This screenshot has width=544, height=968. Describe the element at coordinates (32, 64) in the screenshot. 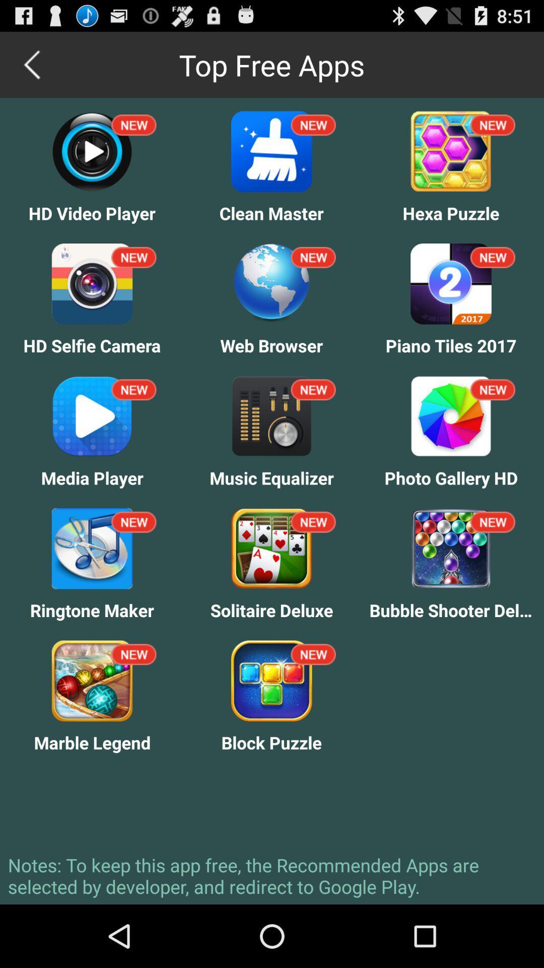

I see `icon next to the top free apps icon` at that location.